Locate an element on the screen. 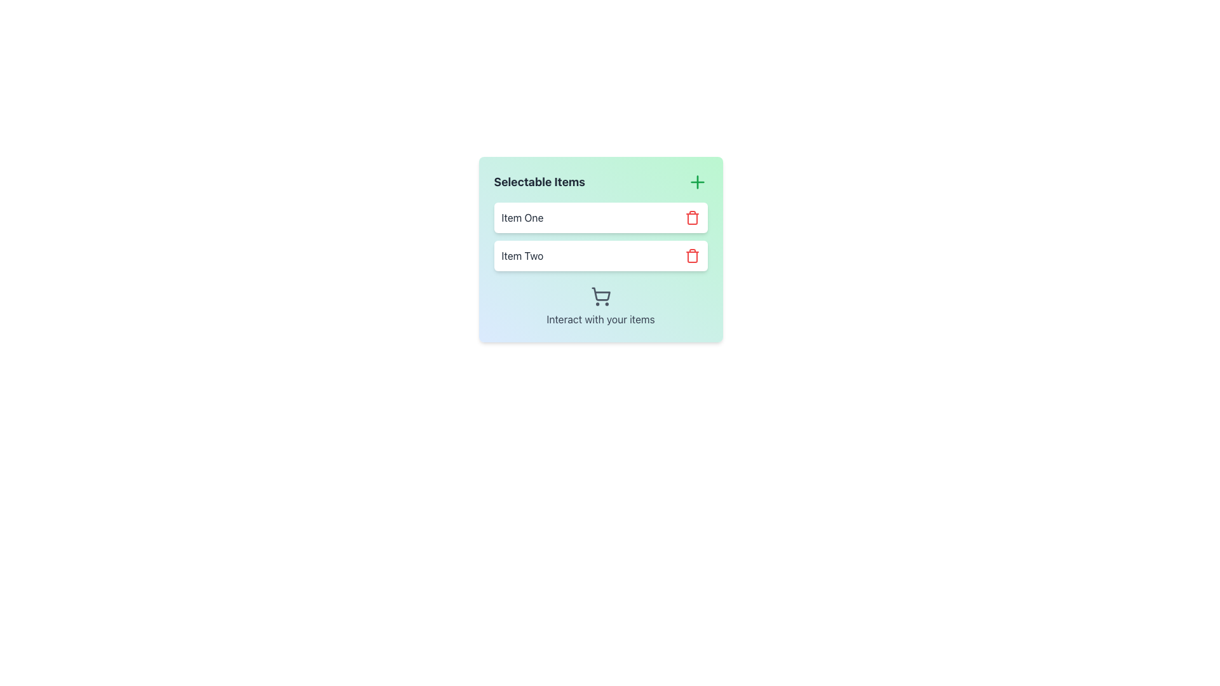 The height and width of the screenshot is (686, 1220). the selectable list item labeled 'Item Two' is located at coordinates (600, 255).